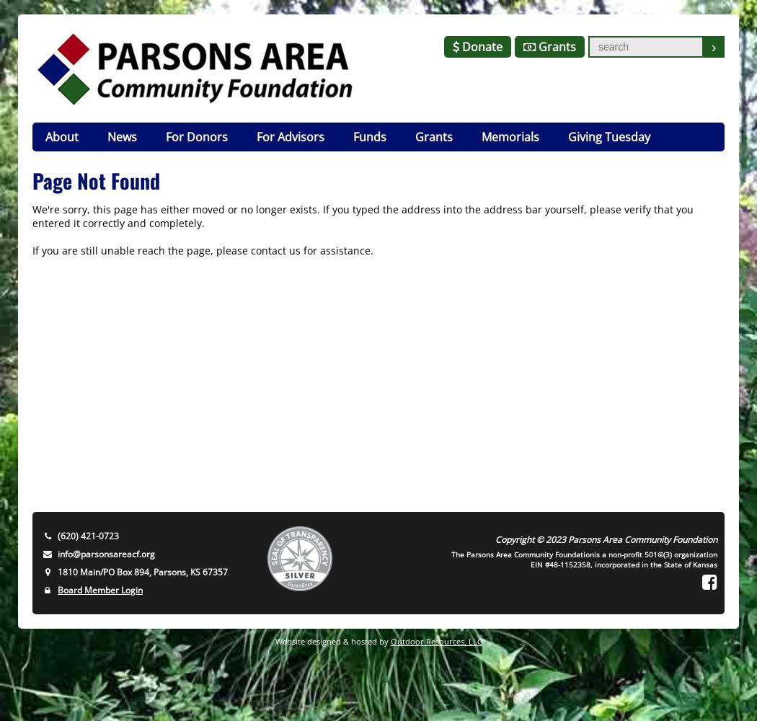 The width and height of the screenshot is (757, 721). I want to click on 'Website designed & hosted by', so click(332, 641).